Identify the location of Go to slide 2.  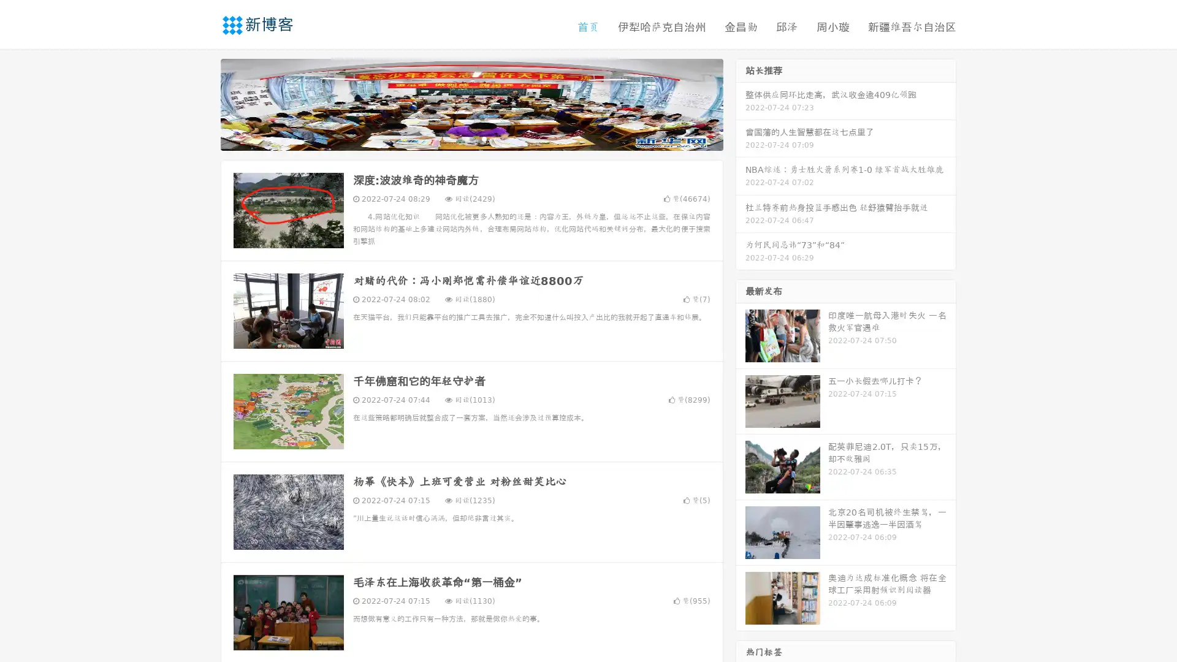
(471, 138).